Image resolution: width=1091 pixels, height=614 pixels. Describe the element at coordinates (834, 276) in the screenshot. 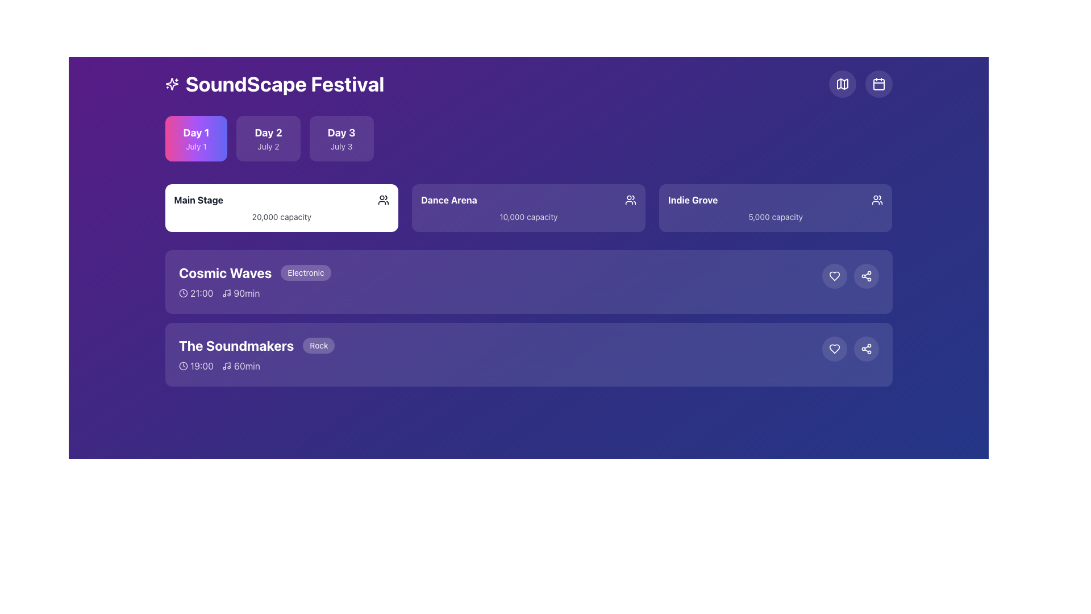

I see `the 'like' button located in the horizontal row of icons on the right side of the 'Cosmic Waves' event card, which is the first circular icon to the left of the share button` at that location.